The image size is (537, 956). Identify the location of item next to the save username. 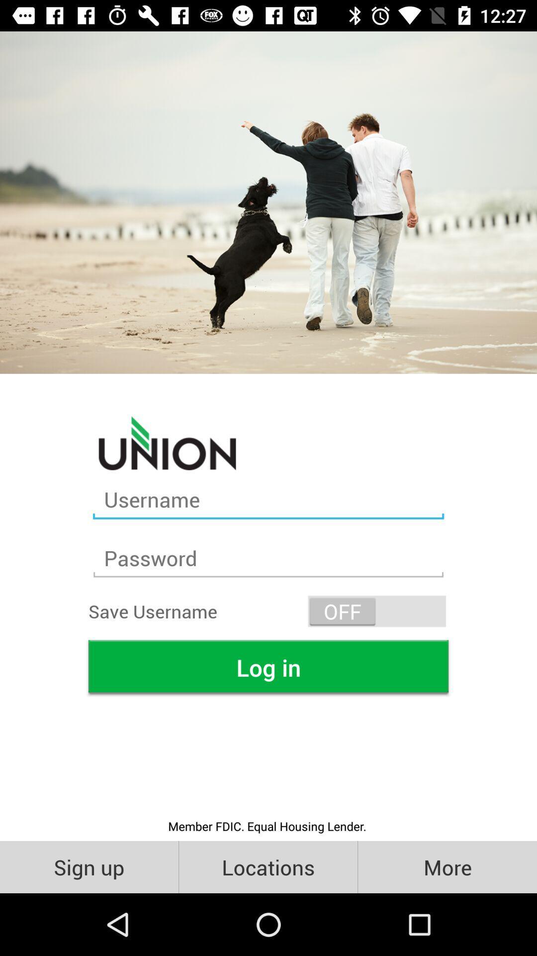
(377, 610).